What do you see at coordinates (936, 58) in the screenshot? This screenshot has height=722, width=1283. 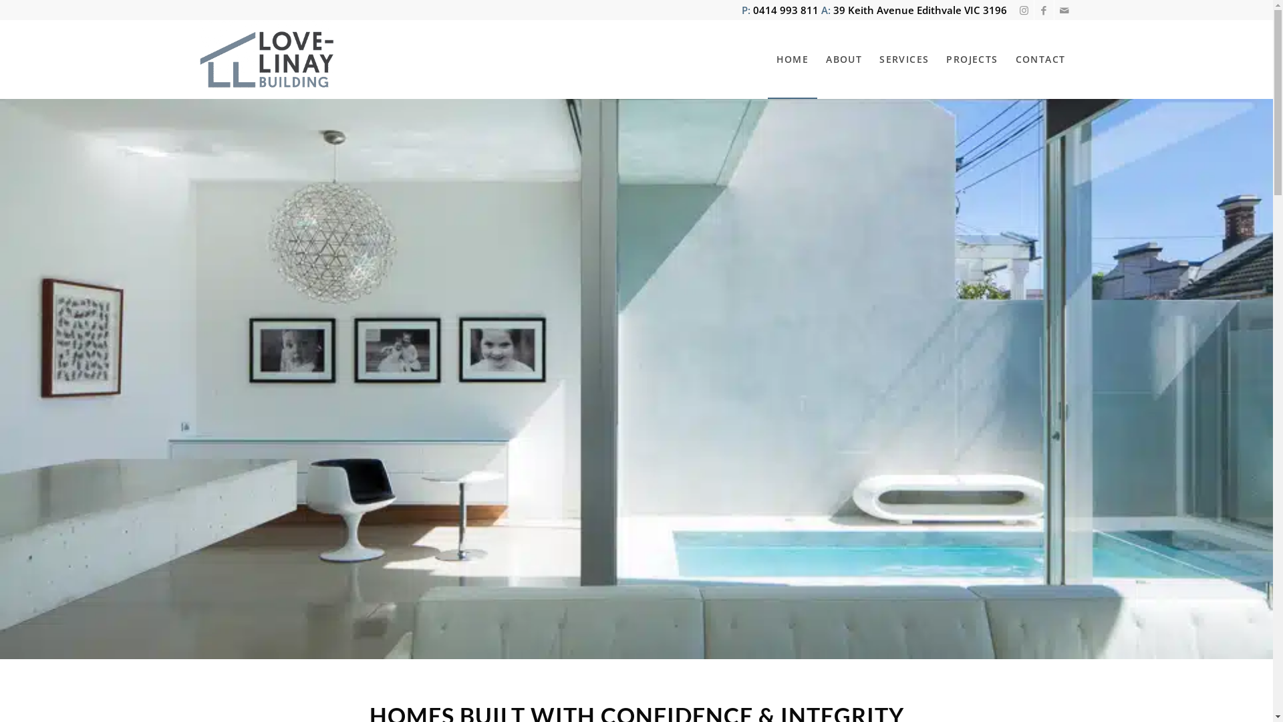 I see `'PROJECTS'` at bounding box center [936, 58].